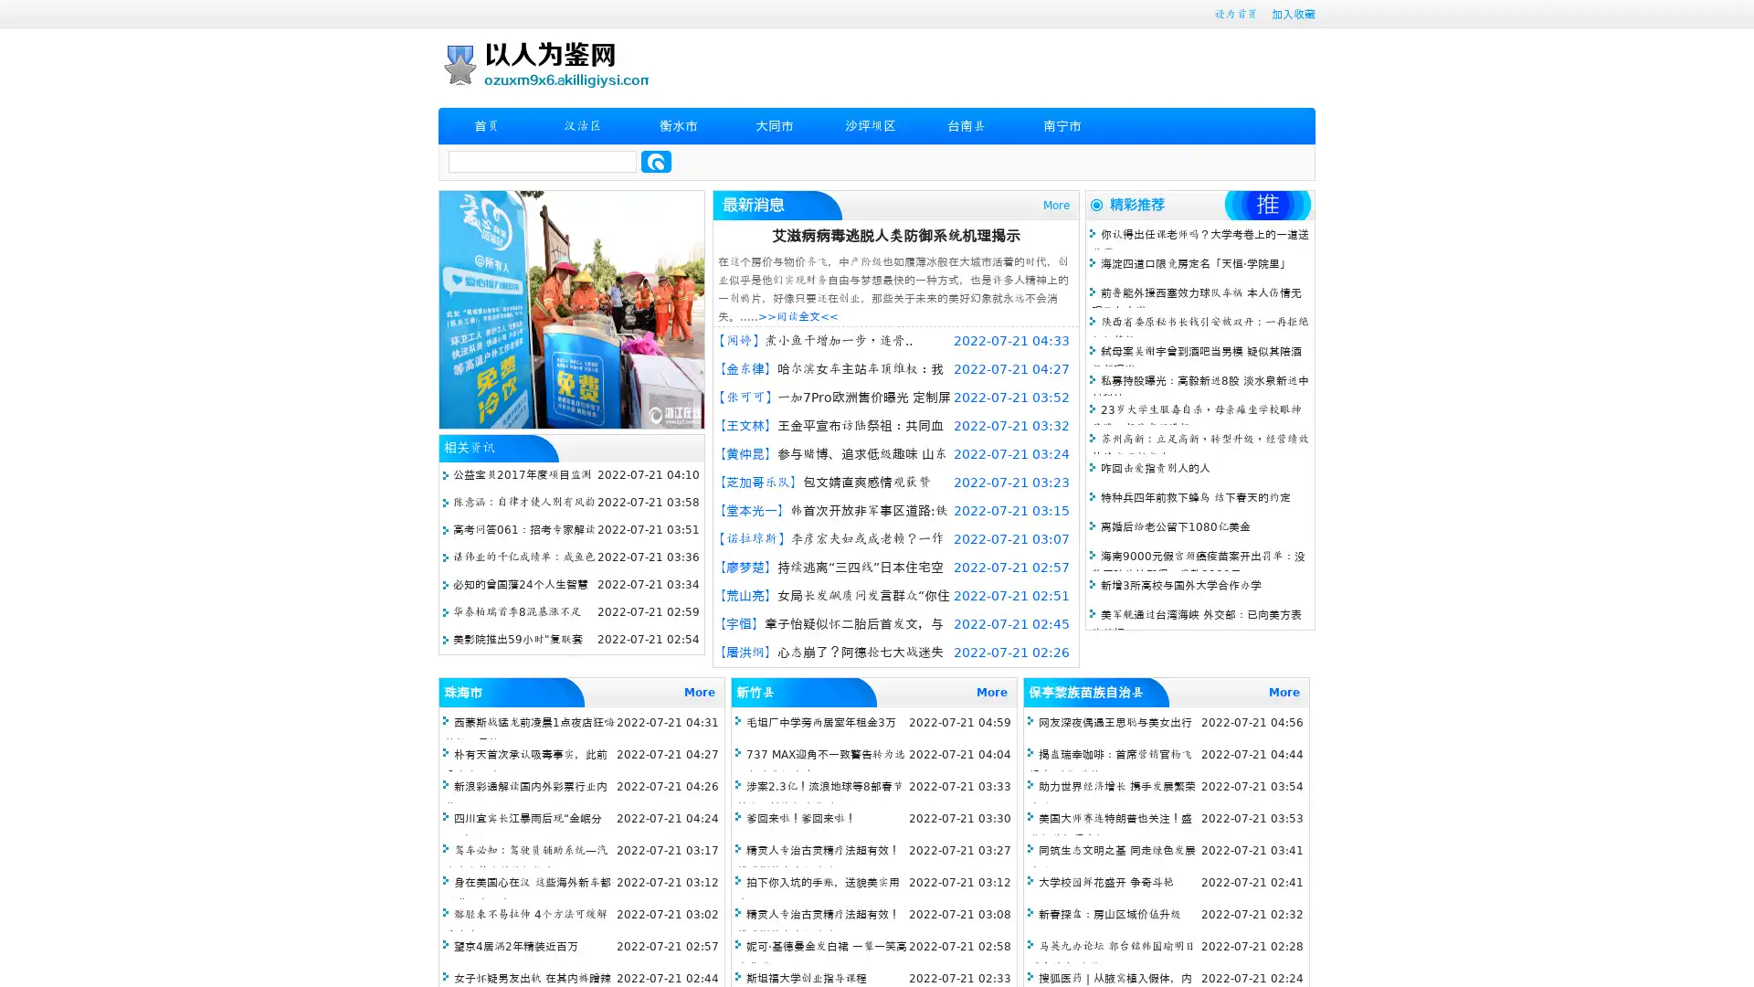  I want to click on Search, so click(656, 161).